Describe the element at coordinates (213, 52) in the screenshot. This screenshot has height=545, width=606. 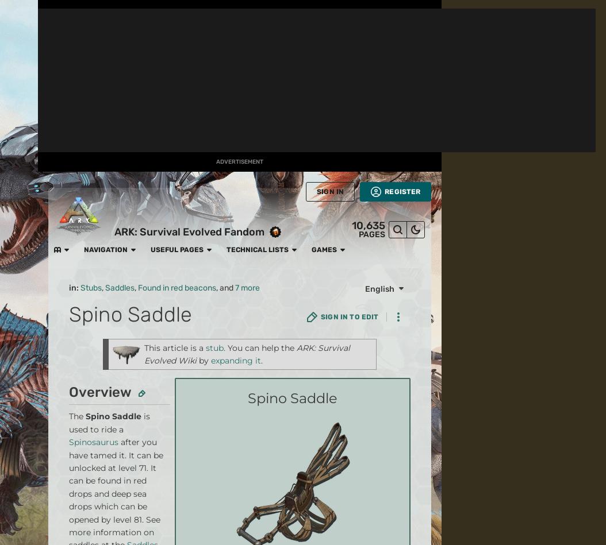
I see `'Hatch/Gestation'` at that location.